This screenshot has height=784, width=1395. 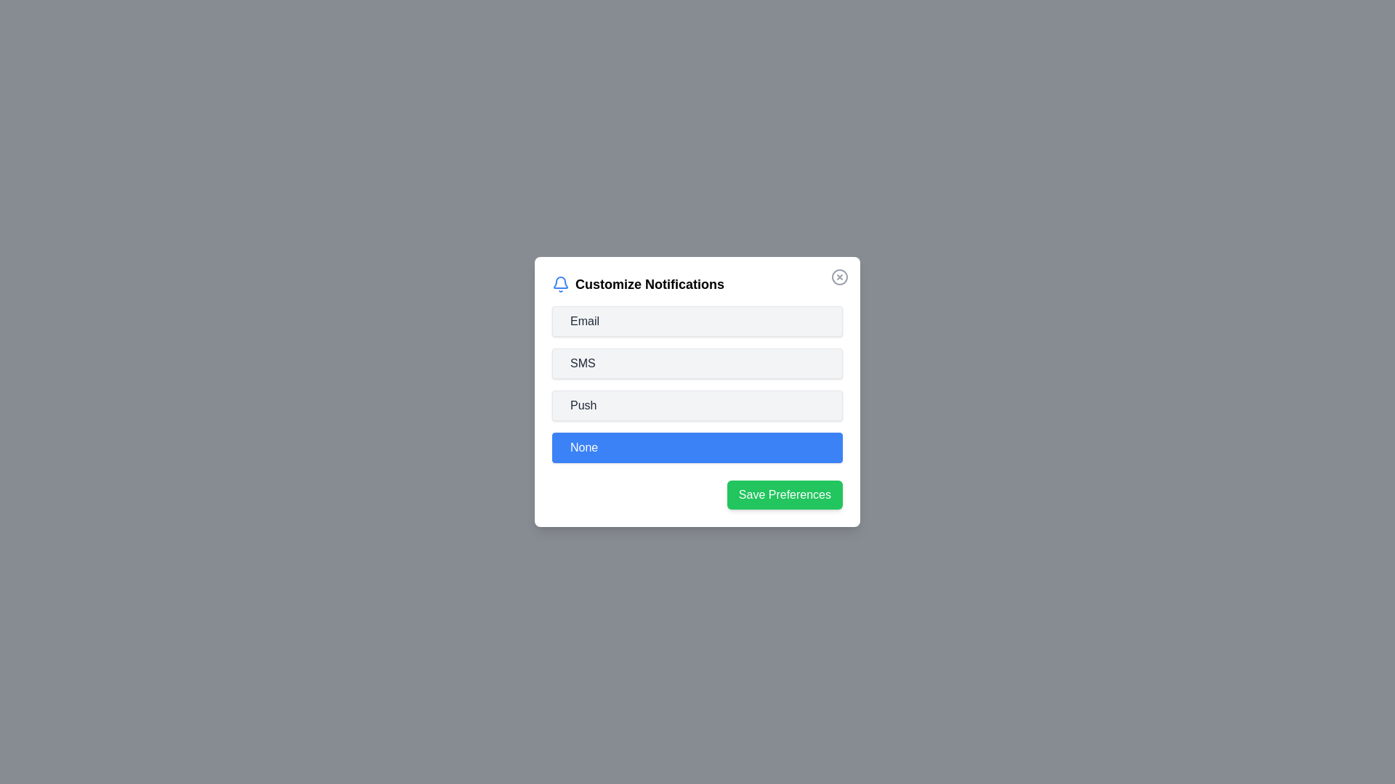 What do you see at coordinates (784, 494) in the screenshot?
I see `'Save Preferences' button to save the selected notification preferences` at bounding box center [784, 494].